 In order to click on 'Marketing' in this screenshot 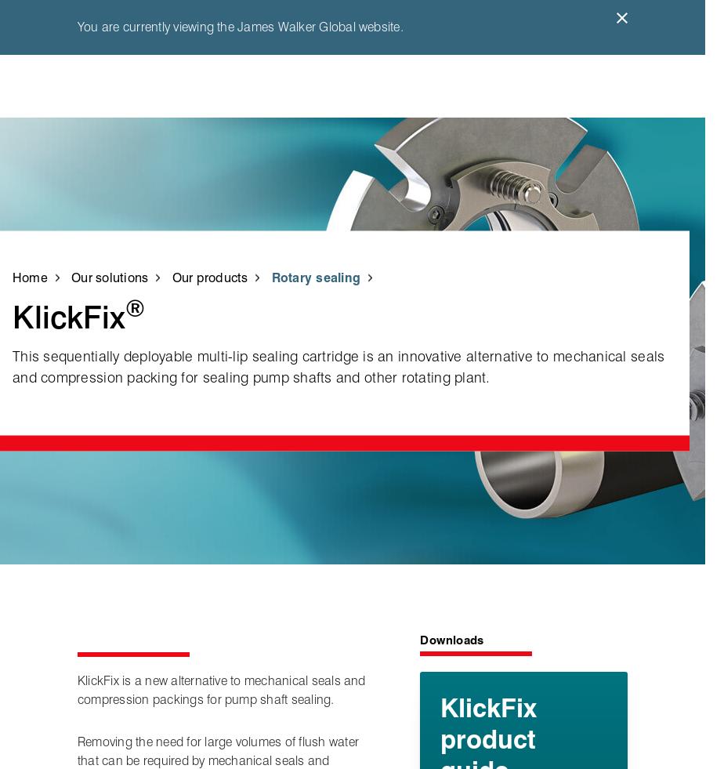, I will do `click(611, 423)`.